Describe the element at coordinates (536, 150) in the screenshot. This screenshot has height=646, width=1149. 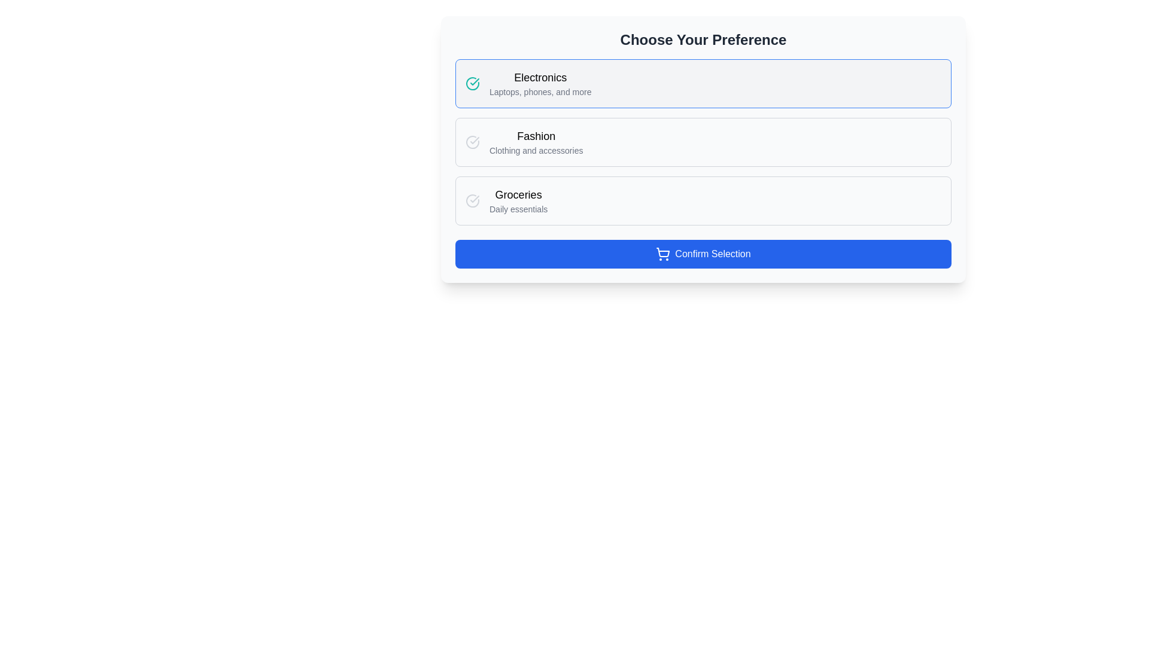
I see `the text label 'Clothing and accessories', which is styled with smaller gray text and located below the 'Fashion' heading in a vertical list of selectable preferences` at that location.